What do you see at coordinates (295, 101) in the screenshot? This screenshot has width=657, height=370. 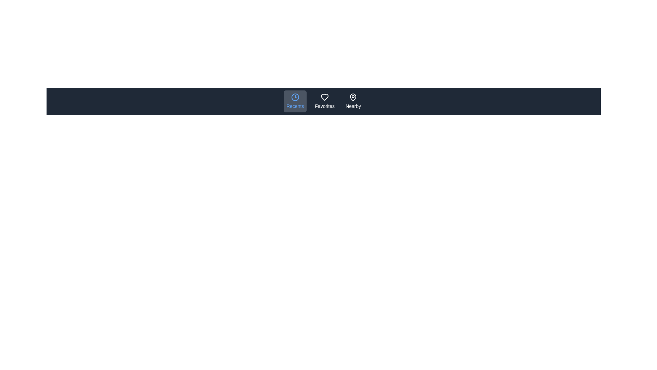 I see `the Recents icon in the navigation bar` at bounding box center [295, 101].